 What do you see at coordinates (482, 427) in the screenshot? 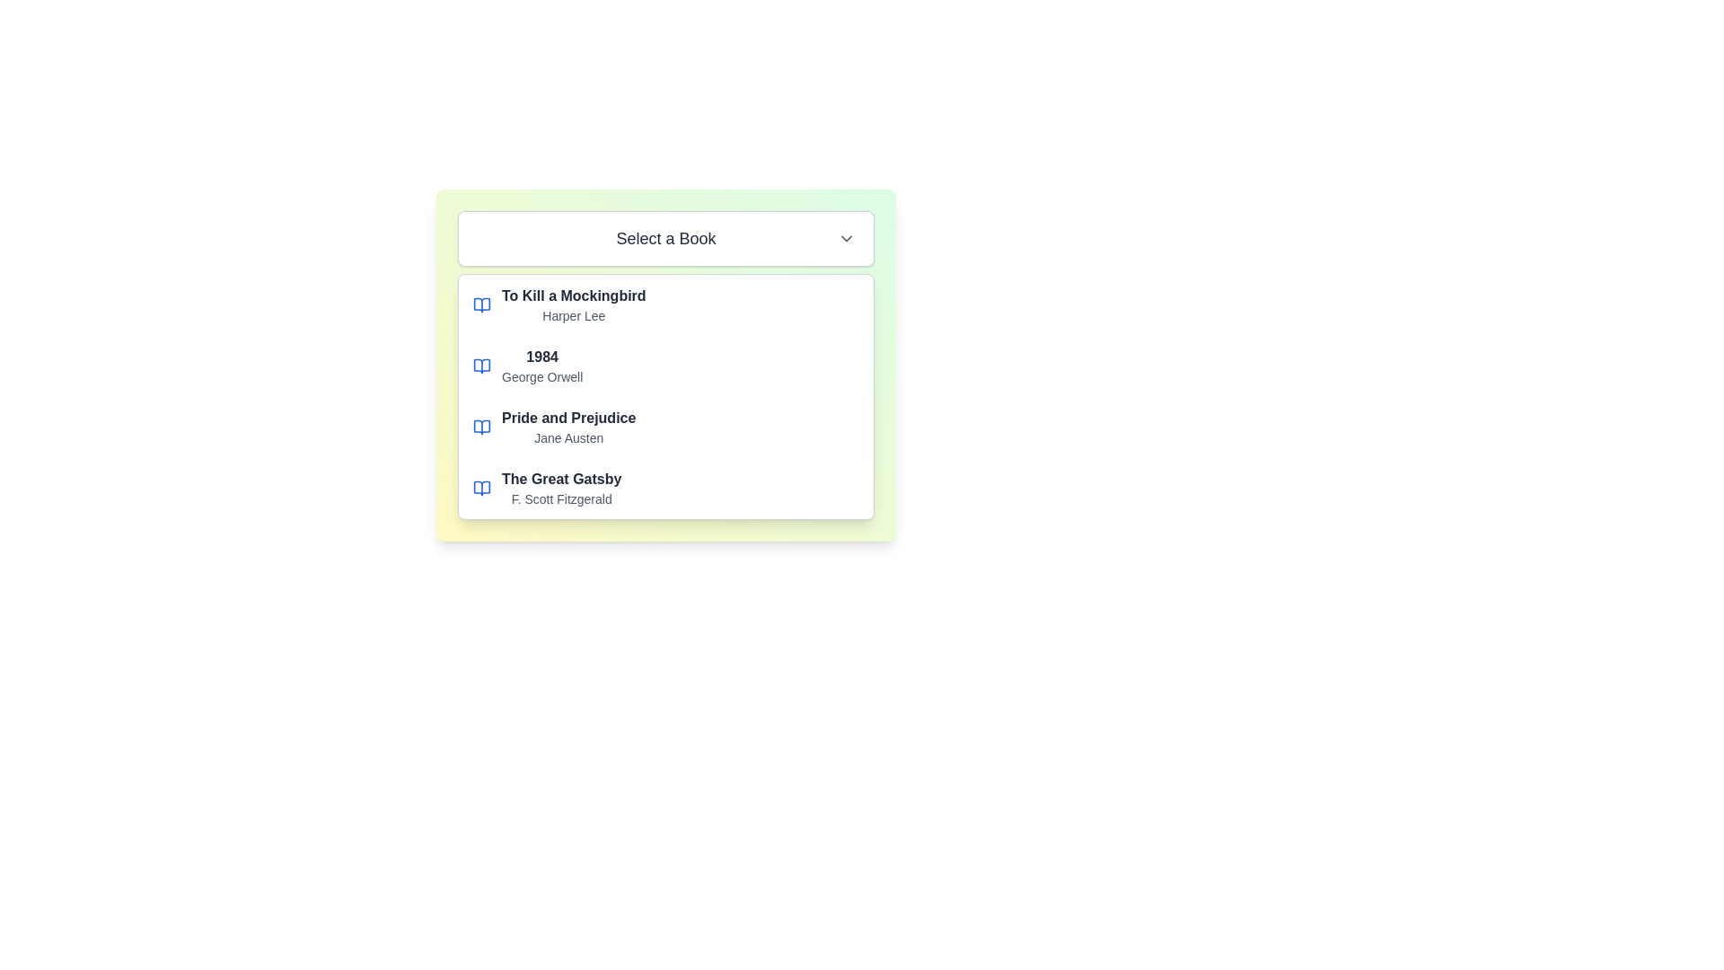
I see `blue open book icon associated with 'Pride and Prejudice' for accessibility properties` at bounding box center [482, 427].